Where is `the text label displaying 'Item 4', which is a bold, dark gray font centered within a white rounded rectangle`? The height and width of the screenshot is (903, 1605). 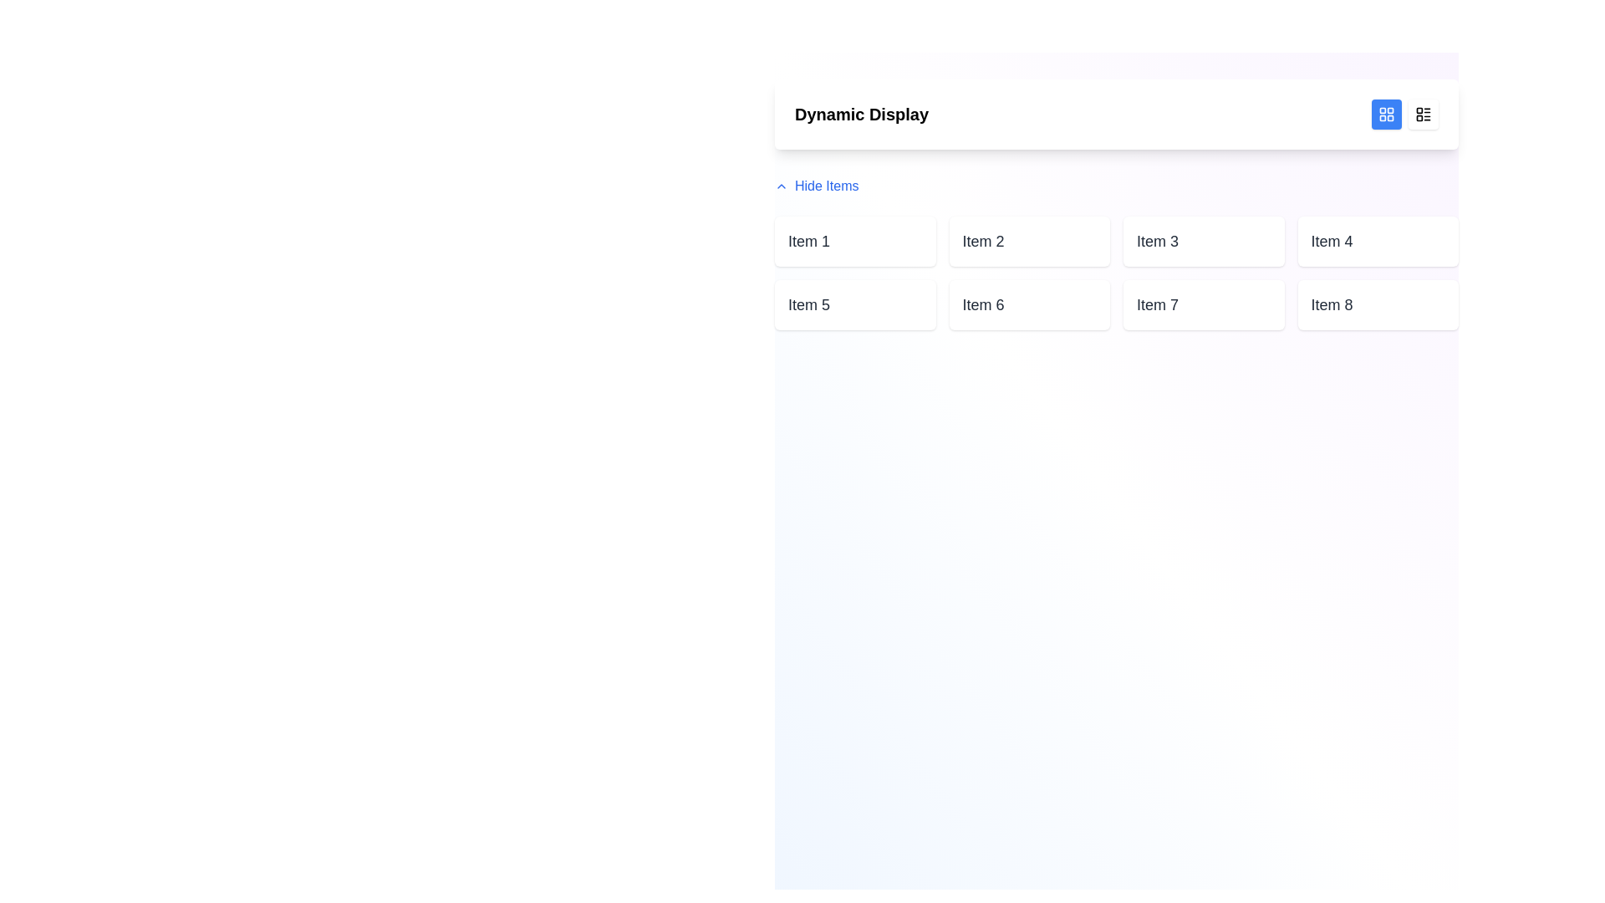 the text label displaying 'Item 4', which is a bold, dark gray font centered within a white rounded rectangle is located at coordinates (1331, 242).